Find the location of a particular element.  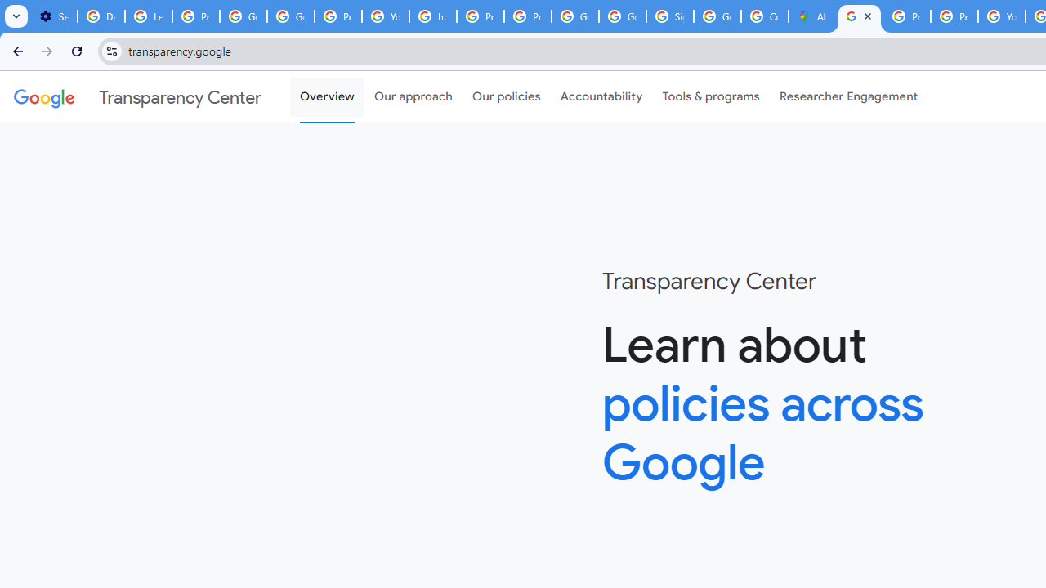

'Delete photos & videos - Computer - Google Photos Help' is located at coordinates (101, 16).